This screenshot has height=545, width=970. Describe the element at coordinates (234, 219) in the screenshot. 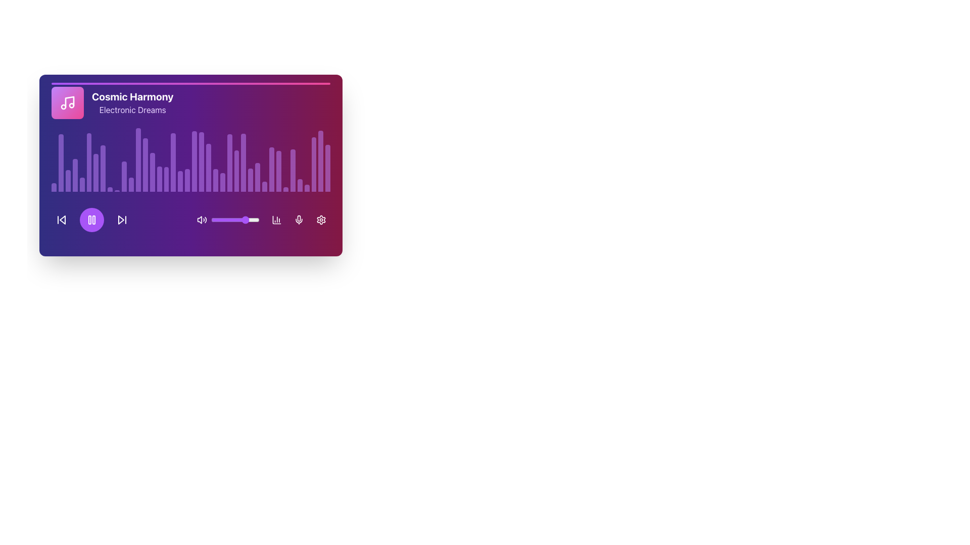

I see `the volume level` at that location.